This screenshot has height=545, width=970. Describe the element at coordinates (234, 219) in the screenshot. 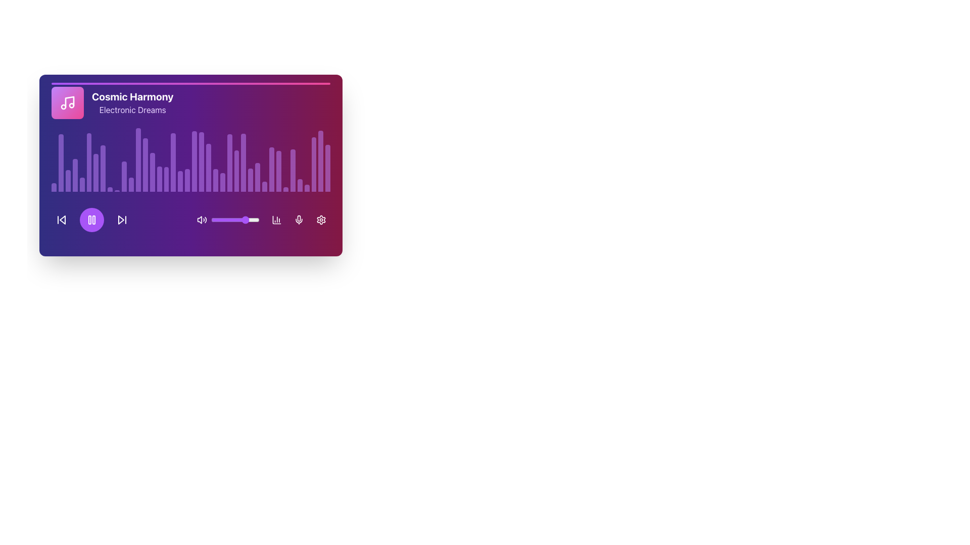

I see `the volume level` at that location.